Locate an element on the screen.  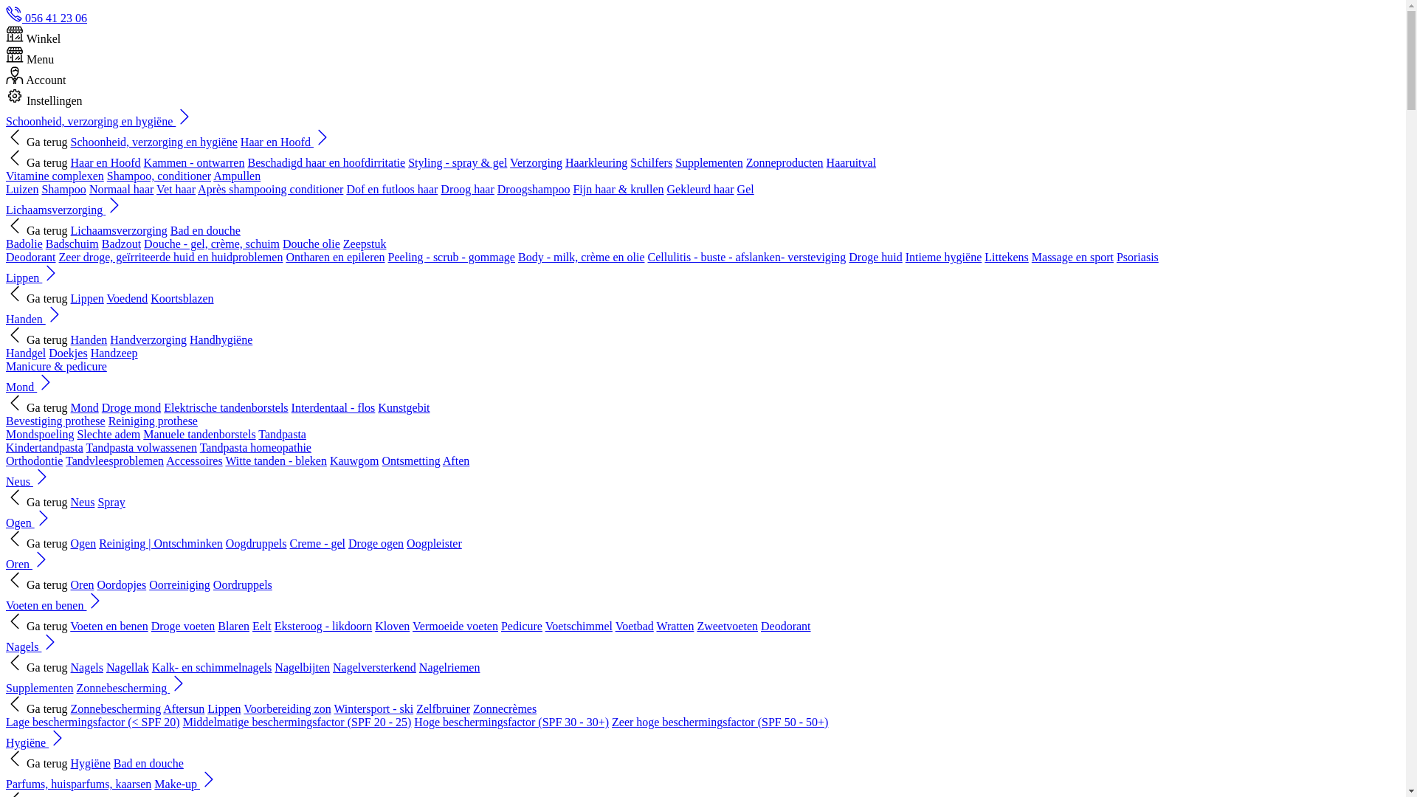
'Neus' is located at coordinates (6, 481).